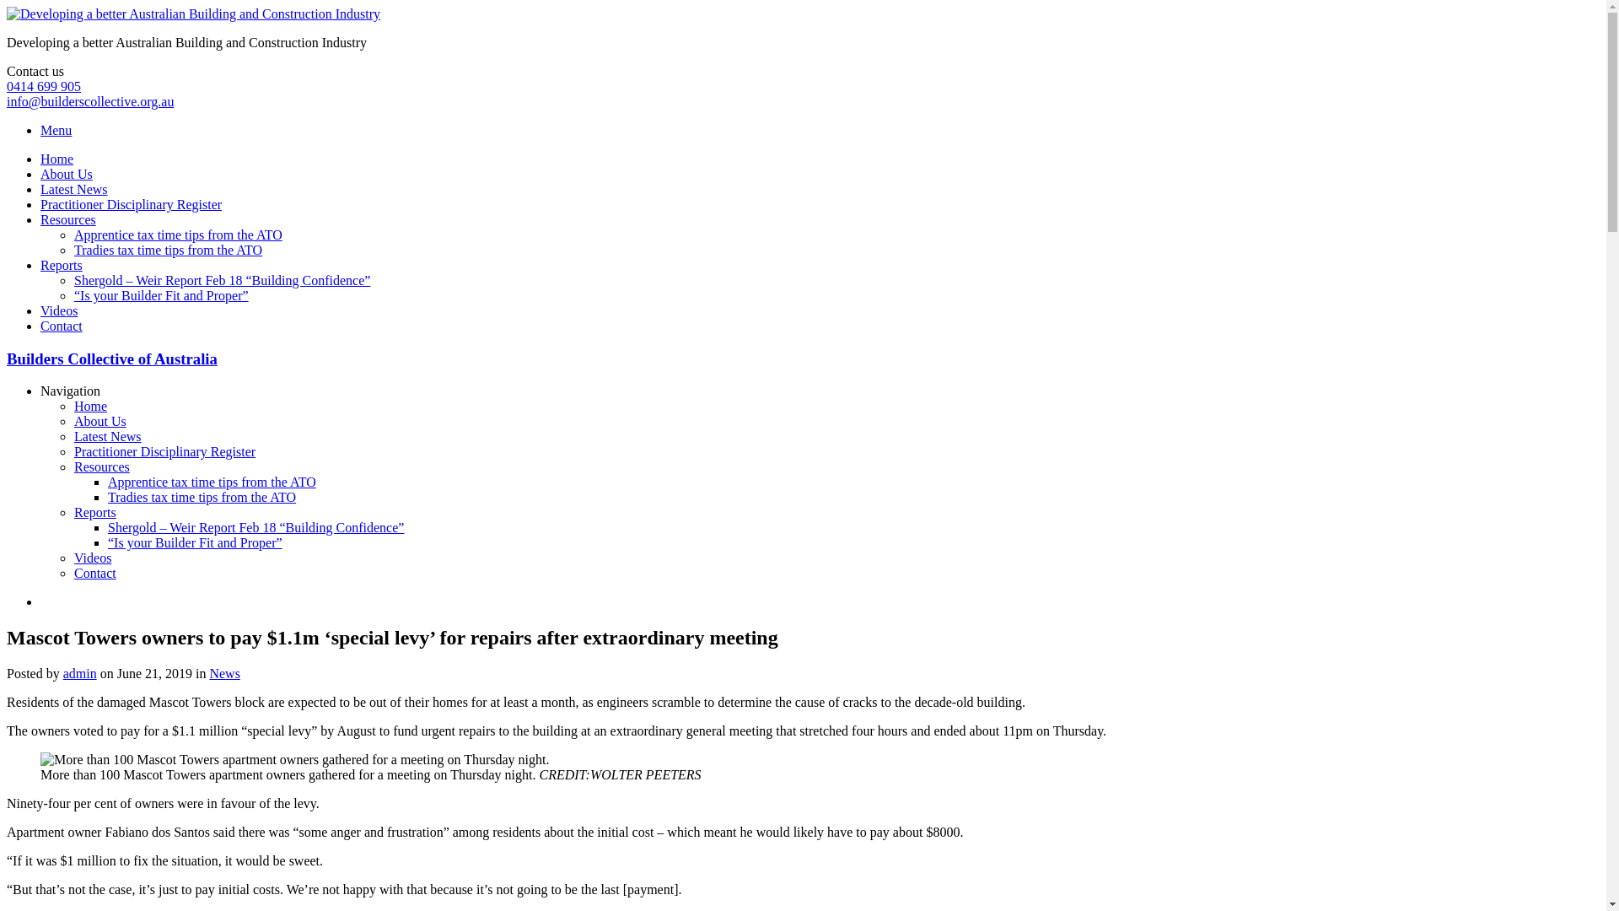  Describe the element at coordinates (89, 101) in the screenshot. I see `'info@builderscollective.org.au'` at that location.